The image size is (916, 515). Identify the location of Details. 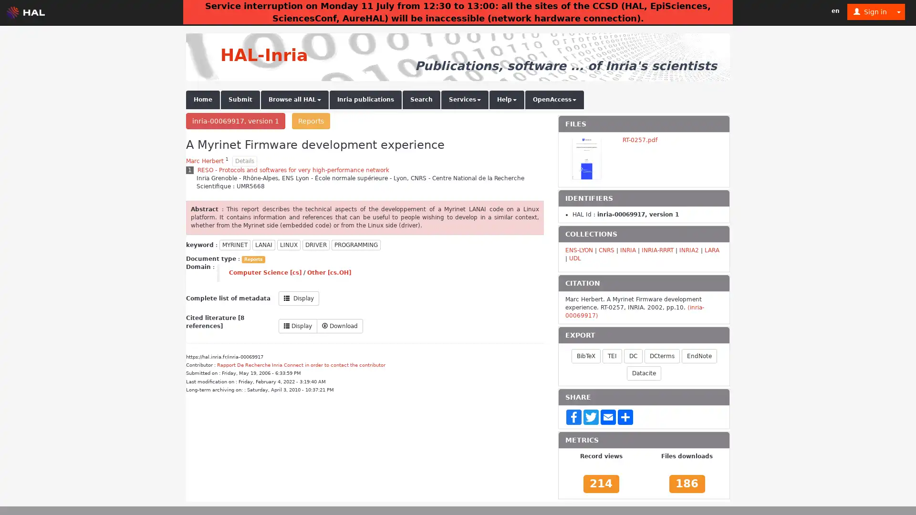
(245, 161).